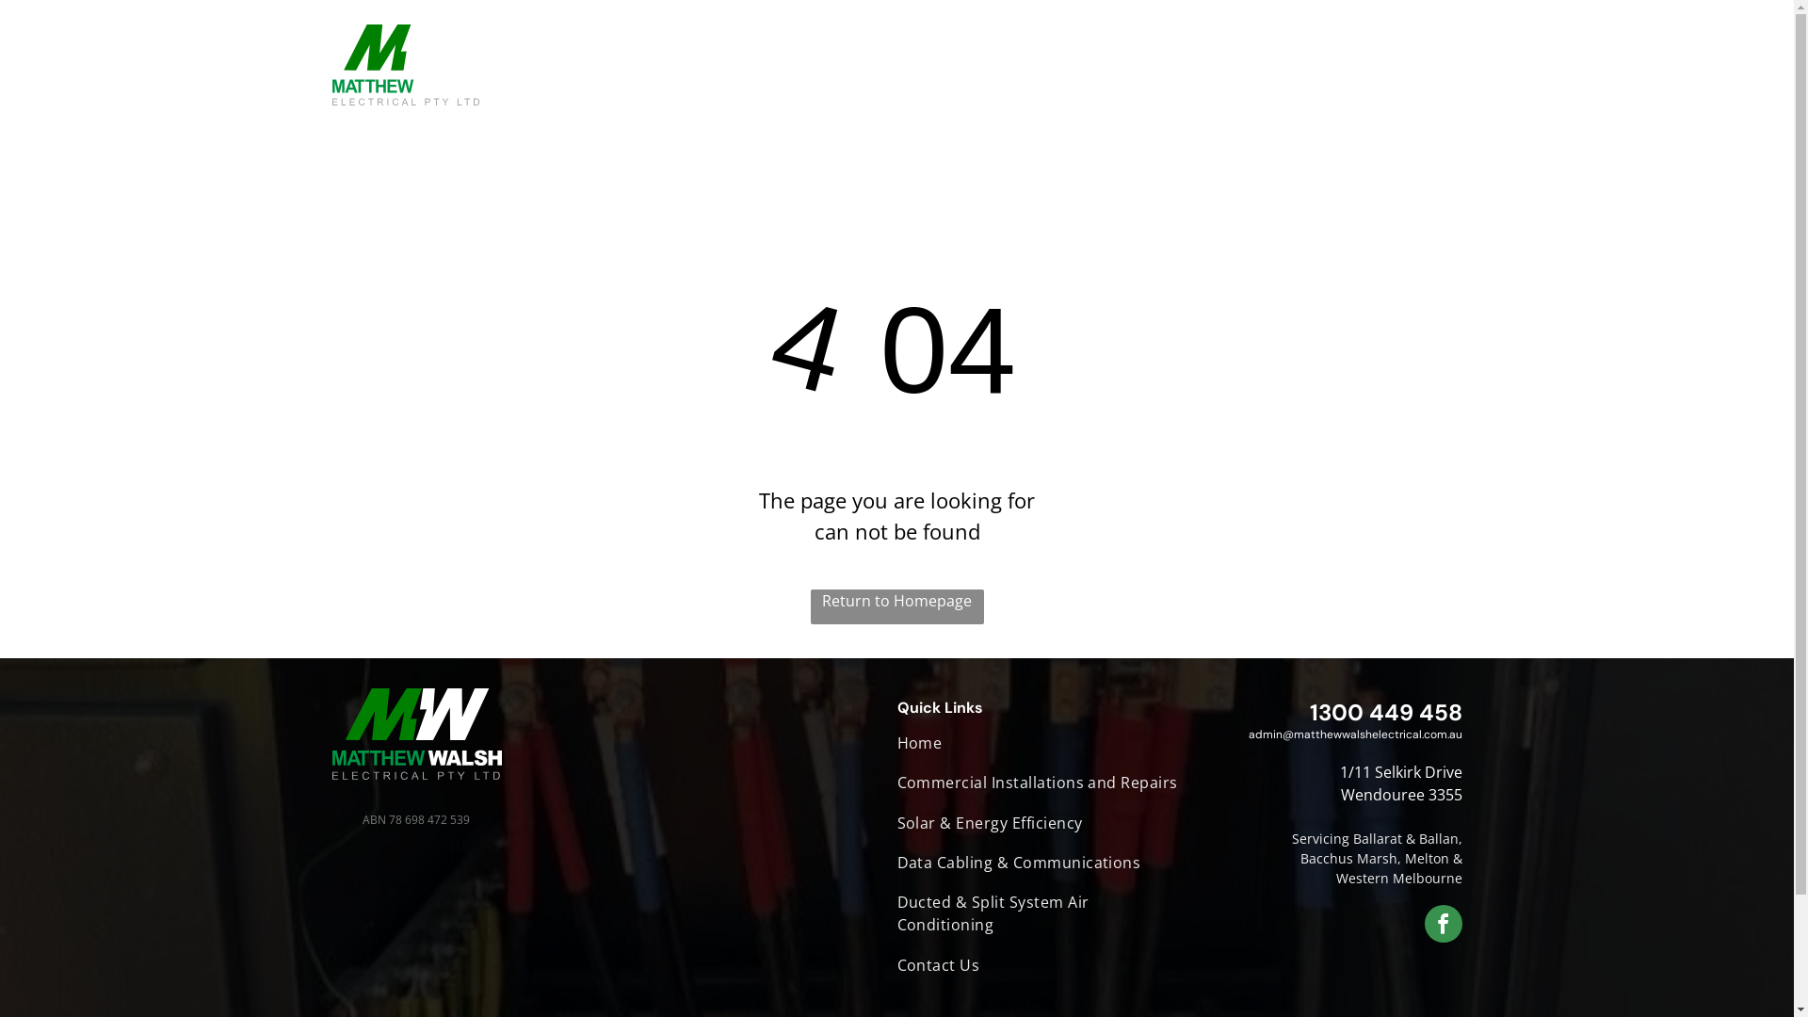 The width and height of the screenshot is (1808, 1017). I want to click on 'admin@matthewwalshelectrical.com.au', so click(1354, 733).